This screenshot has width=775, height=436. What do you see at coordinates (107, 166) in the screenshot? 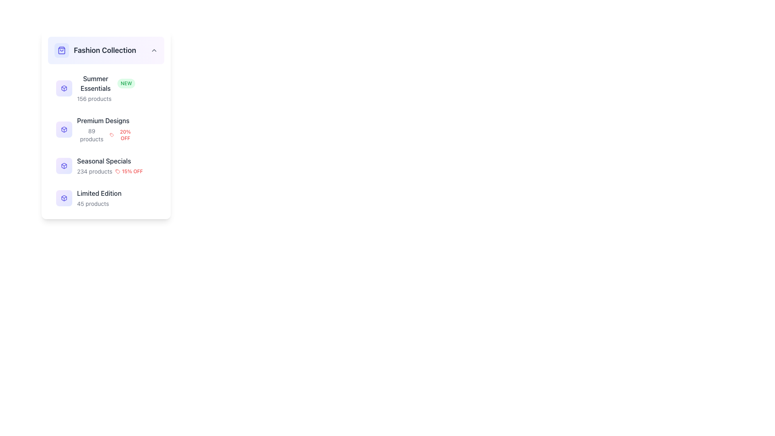
I see `the clickable list item titled 'Seasonal Specials' with a purple box icon and a red tag icon` at bounding box center [107, 166].